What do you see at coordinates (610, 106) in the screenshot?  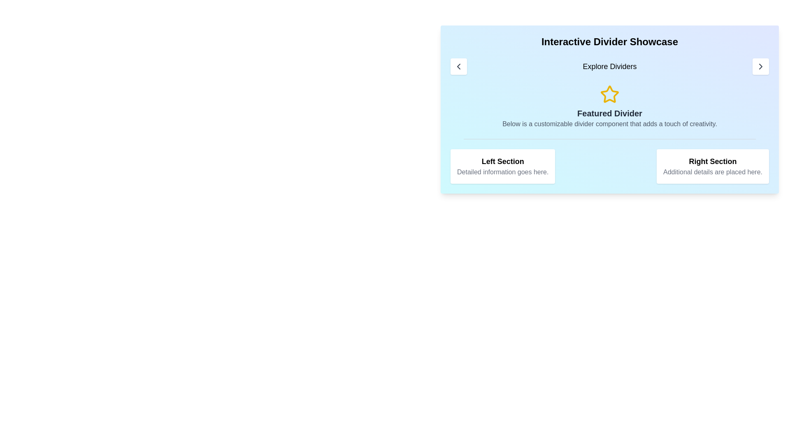 I see `information in the informational block titled 'Featured Divider' with a yellow star icon, located prominently in the center of the light blue panel` at bounding box center [610, 106].